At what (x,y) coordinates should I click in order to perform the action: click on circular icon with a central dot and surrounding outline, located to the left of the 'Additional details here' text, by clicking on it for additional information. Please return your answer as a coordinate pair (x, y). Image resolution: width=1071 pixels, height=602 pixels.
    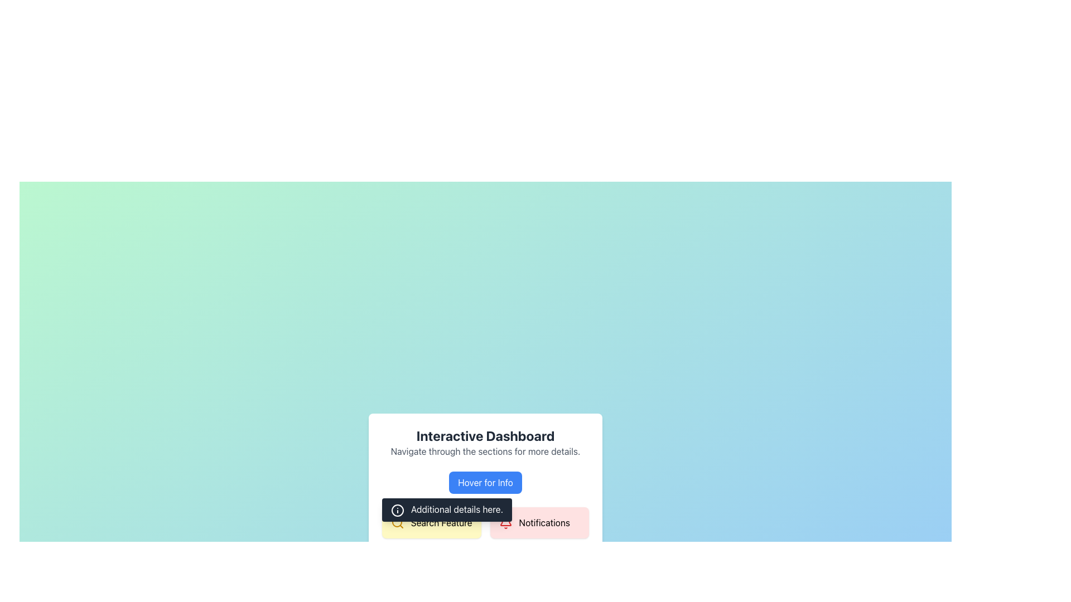
    Looking at the image, I should click on (397, 510).